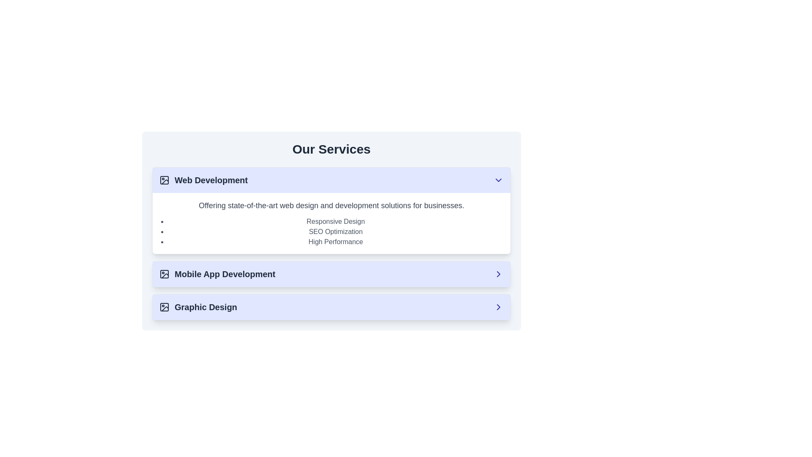  I want to click on the third bullet point text label in the 'Web Development' section that provides information about a feature related to web development, so click(335, 242).